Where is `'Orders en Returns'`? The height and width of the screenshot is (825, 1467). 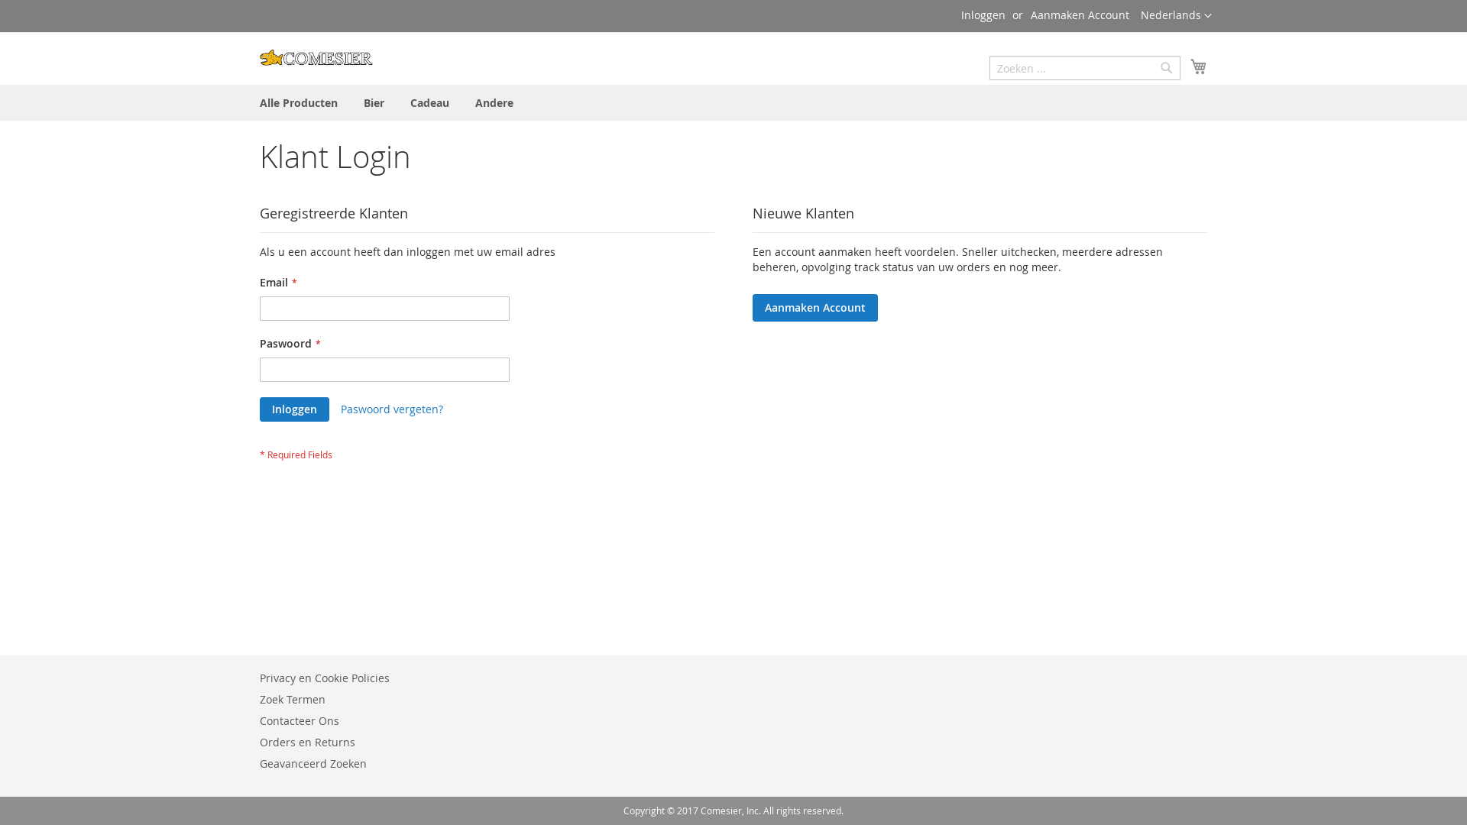
'Orders en Returns' is located at coordinates (306, 741).